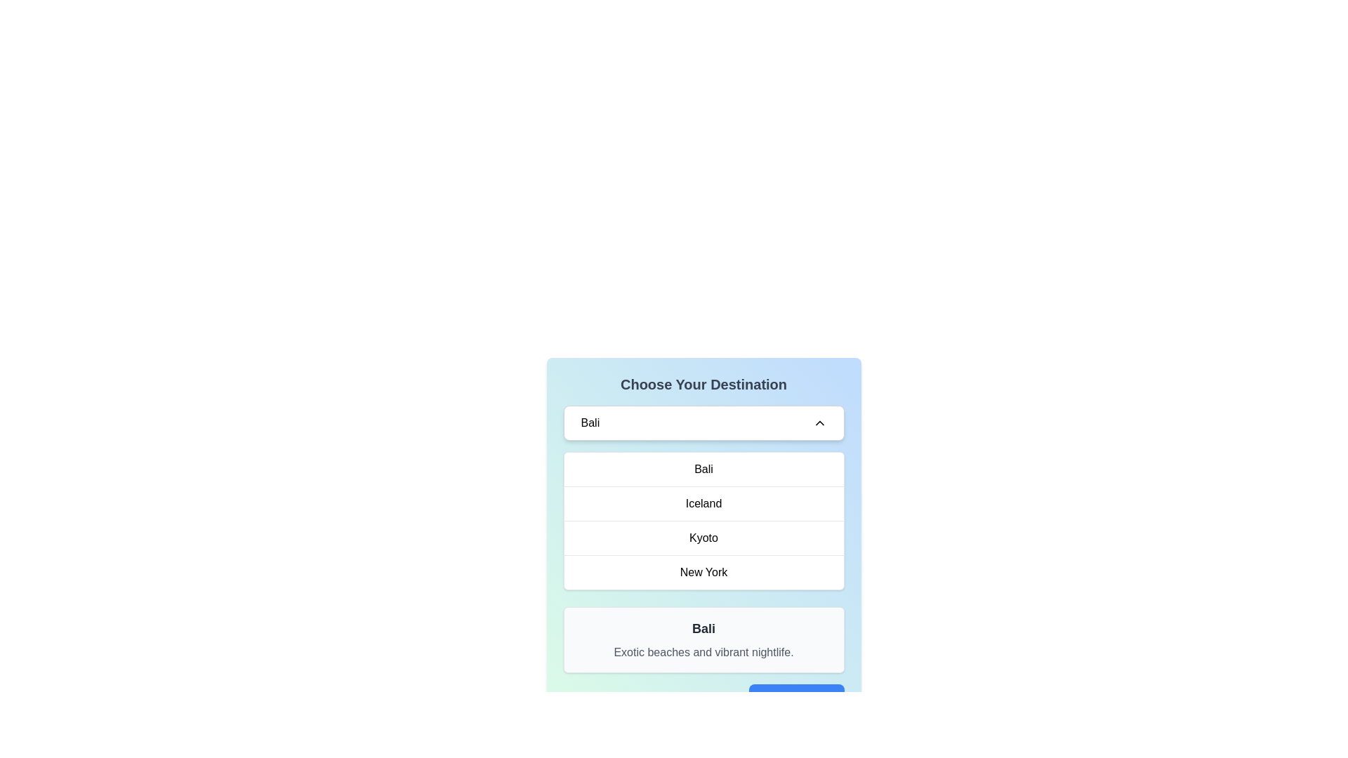 The width and height of the screenshot is (1348, 758). Describe the element at coordinates (819, 422) in the screenshot. I see `the upward-pointing chevron icon located on the right-hand side of the white rectangular bar labeled 'Bali'` at that location.